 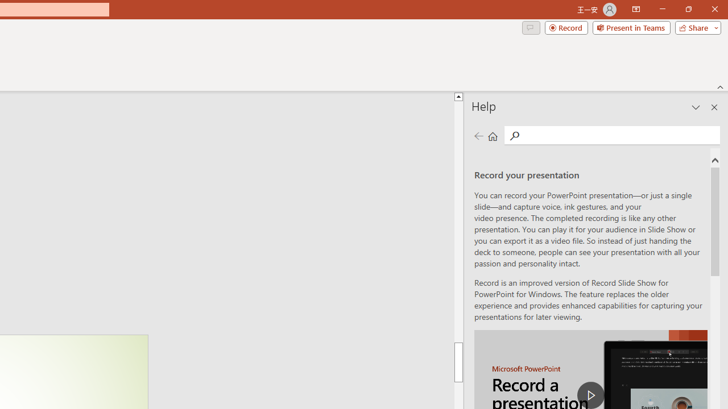 What do you see at coordinates (720, 86) in the screenshot?
I see `'Collapse the Ribbon'` at bounding box center [720, 86].